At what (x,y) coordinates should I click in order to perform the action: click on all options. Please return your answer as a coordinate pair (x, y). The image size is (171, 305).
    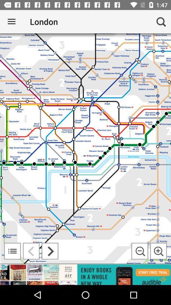
    Looking at the image, I should click on (12, 251).